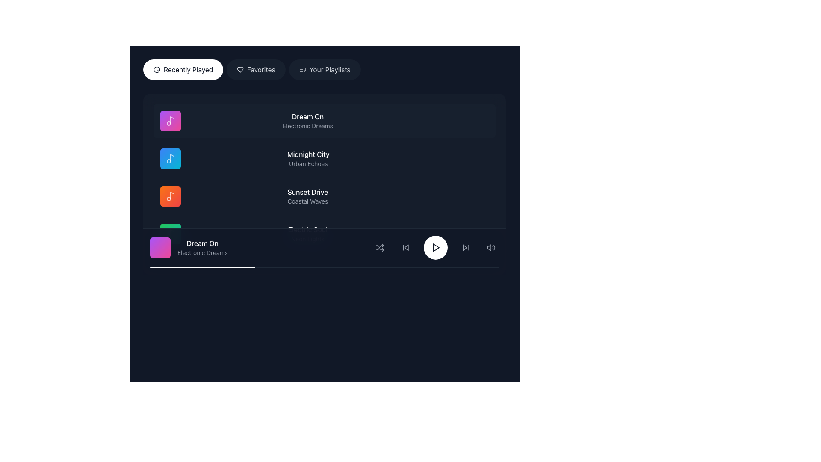 The image size is (821, 462). What do you see at coordinates (308, 196) in the screenshot?
I see `the third item in the playlist that displays the title and subtitle for selection` at bounding box center [308, 196].